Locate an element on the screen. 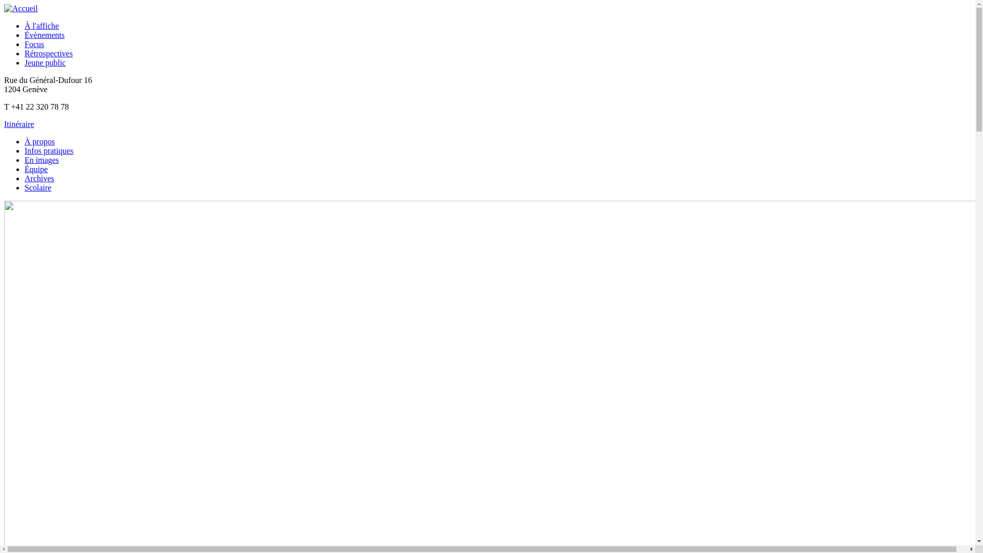  'Accueil' is located at coordinates (21, 8).